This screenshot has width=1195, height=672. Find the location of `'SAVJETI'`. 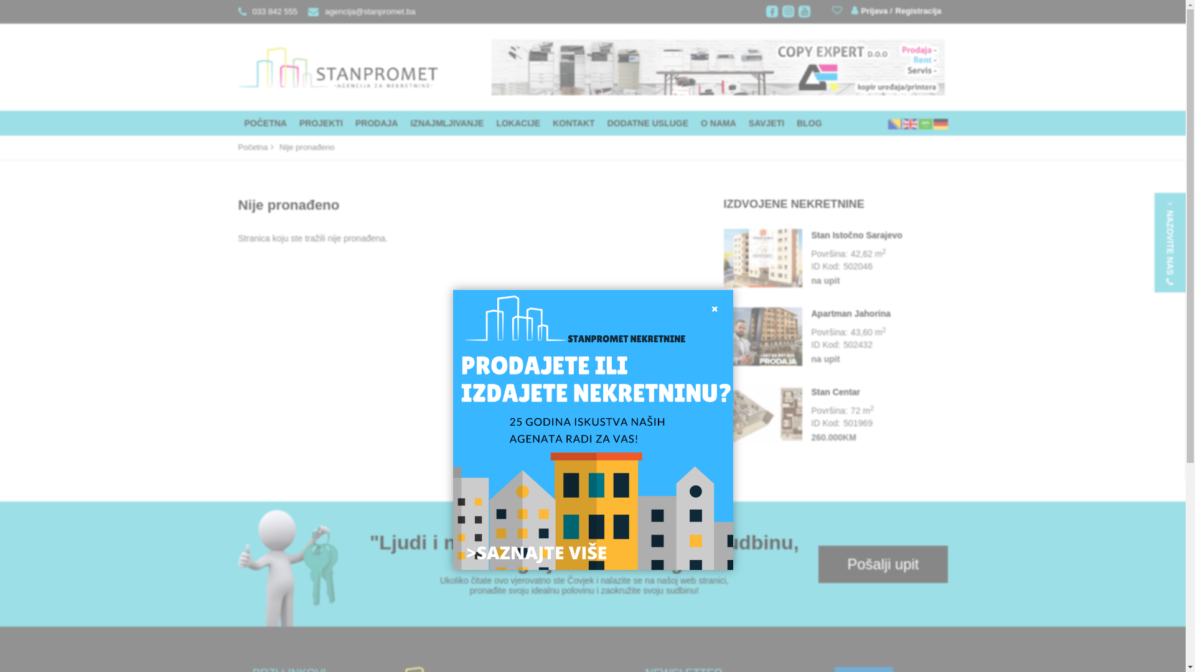

'SAVJETI' is located at coordinates (766, 123).